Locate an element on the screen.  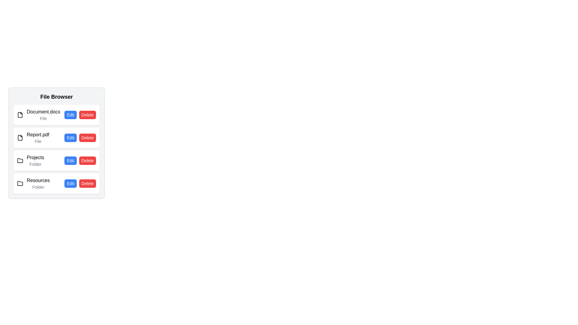
the file or folder named Report.pdf is located at coordinates (56, 138).